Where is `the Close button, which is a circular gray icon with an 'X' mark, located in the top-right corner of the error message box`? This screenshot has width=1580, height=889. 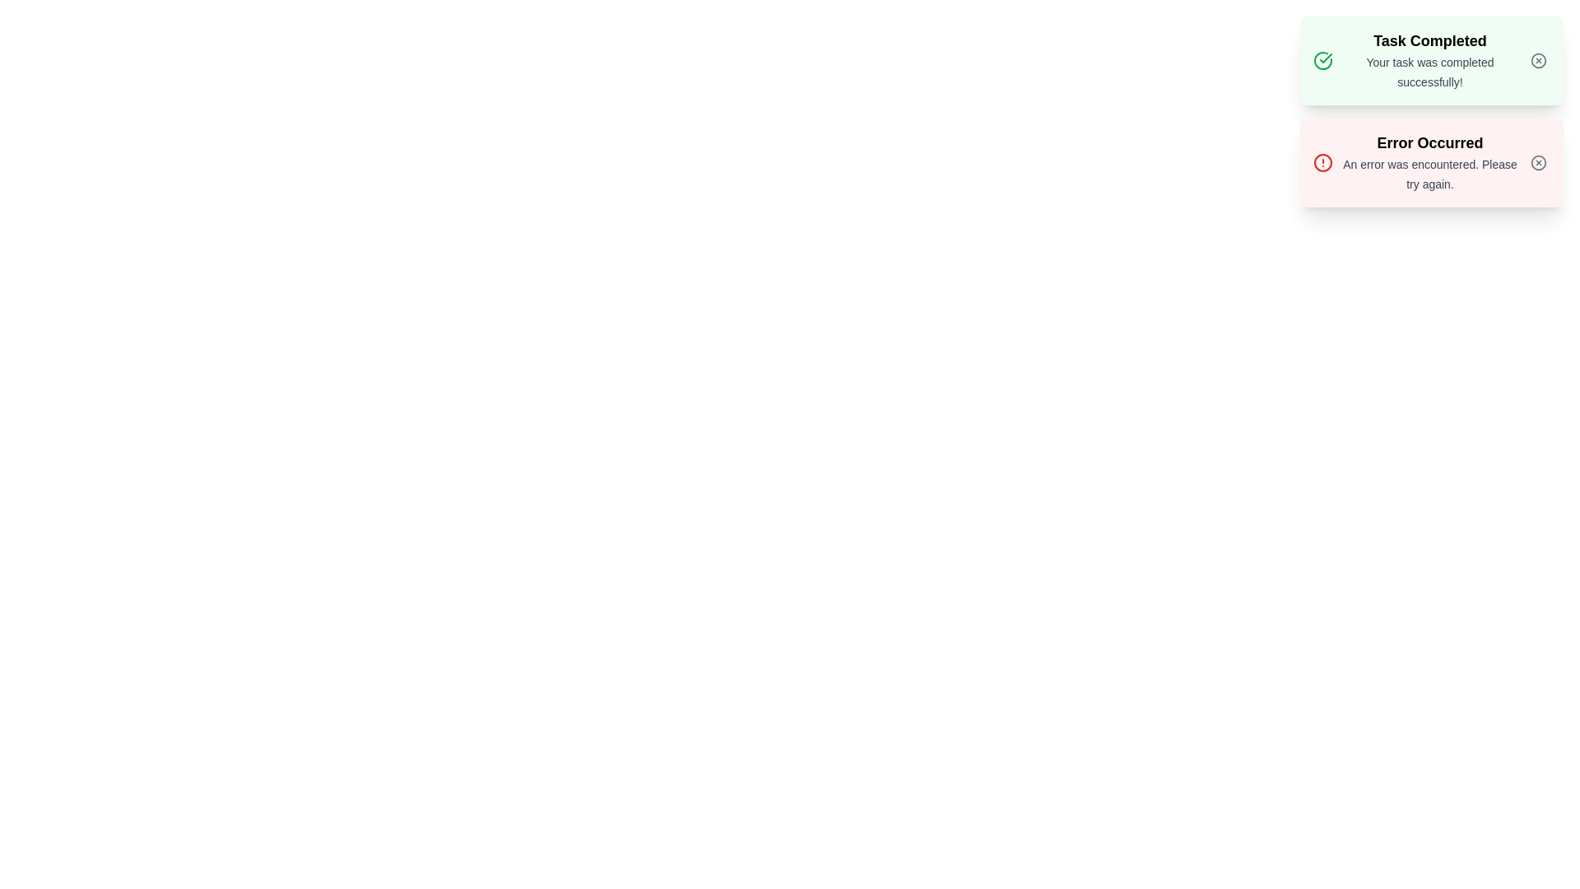
the Close button, which is a circular gray icon with an 'X' mark, located in the top-right corner of the error message box is located at coordinates (1538, 162).